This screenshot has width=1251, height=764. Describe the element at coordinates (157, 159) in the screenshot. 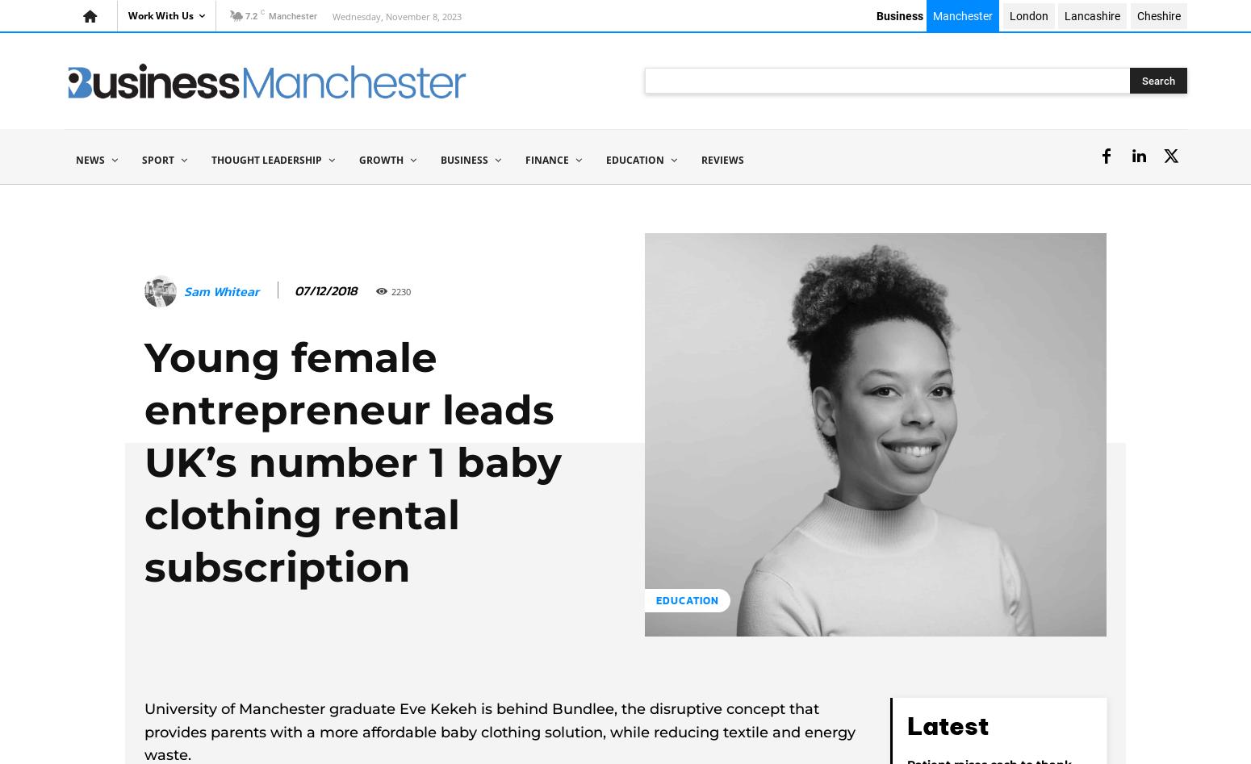

I see `'Sport'` at that location.